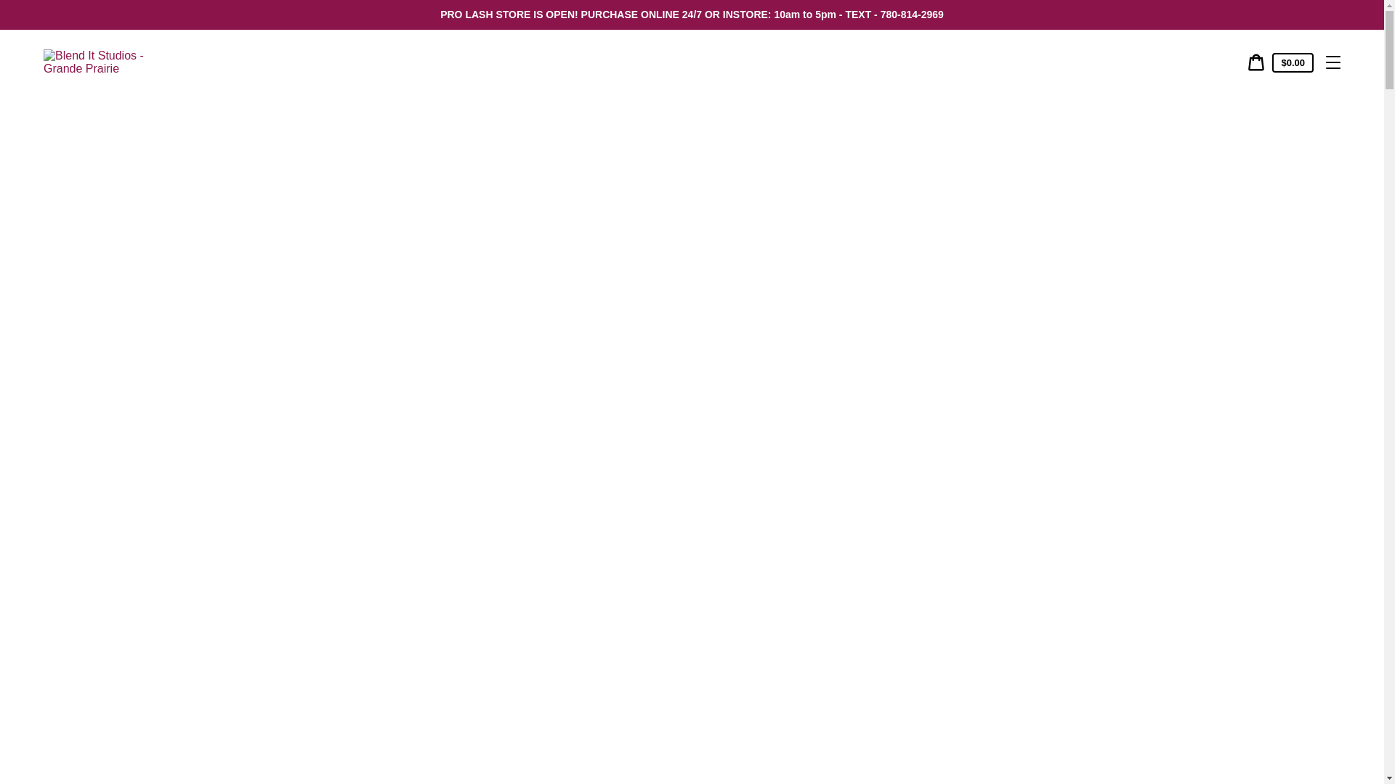  What do you see at coordinates (1255, 61) in the screenshot?
I see `'Cart'` at bounding box center [1255, 61].